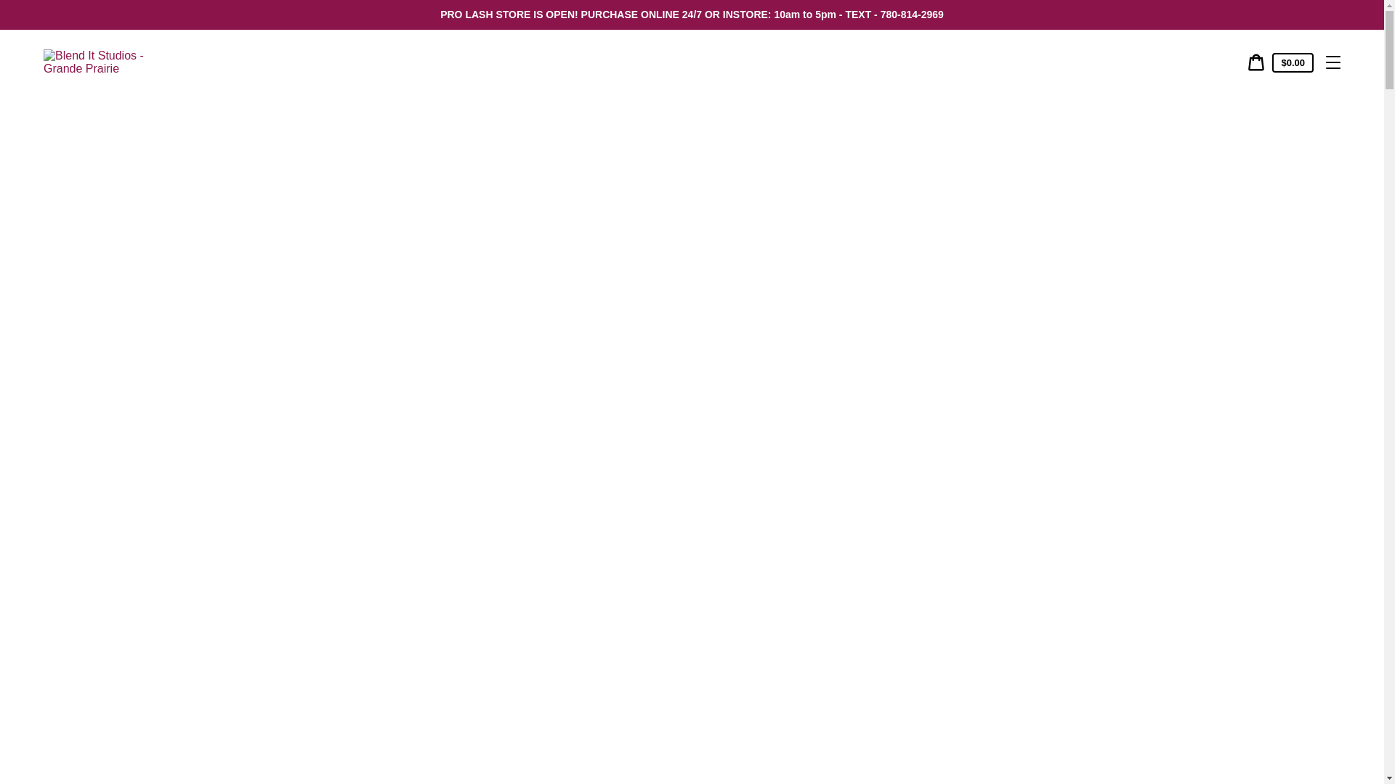  What do you see at coordinates (1255, 61) in the screenshot?
I see `'Cart'` at bounding box center [1255, 61].